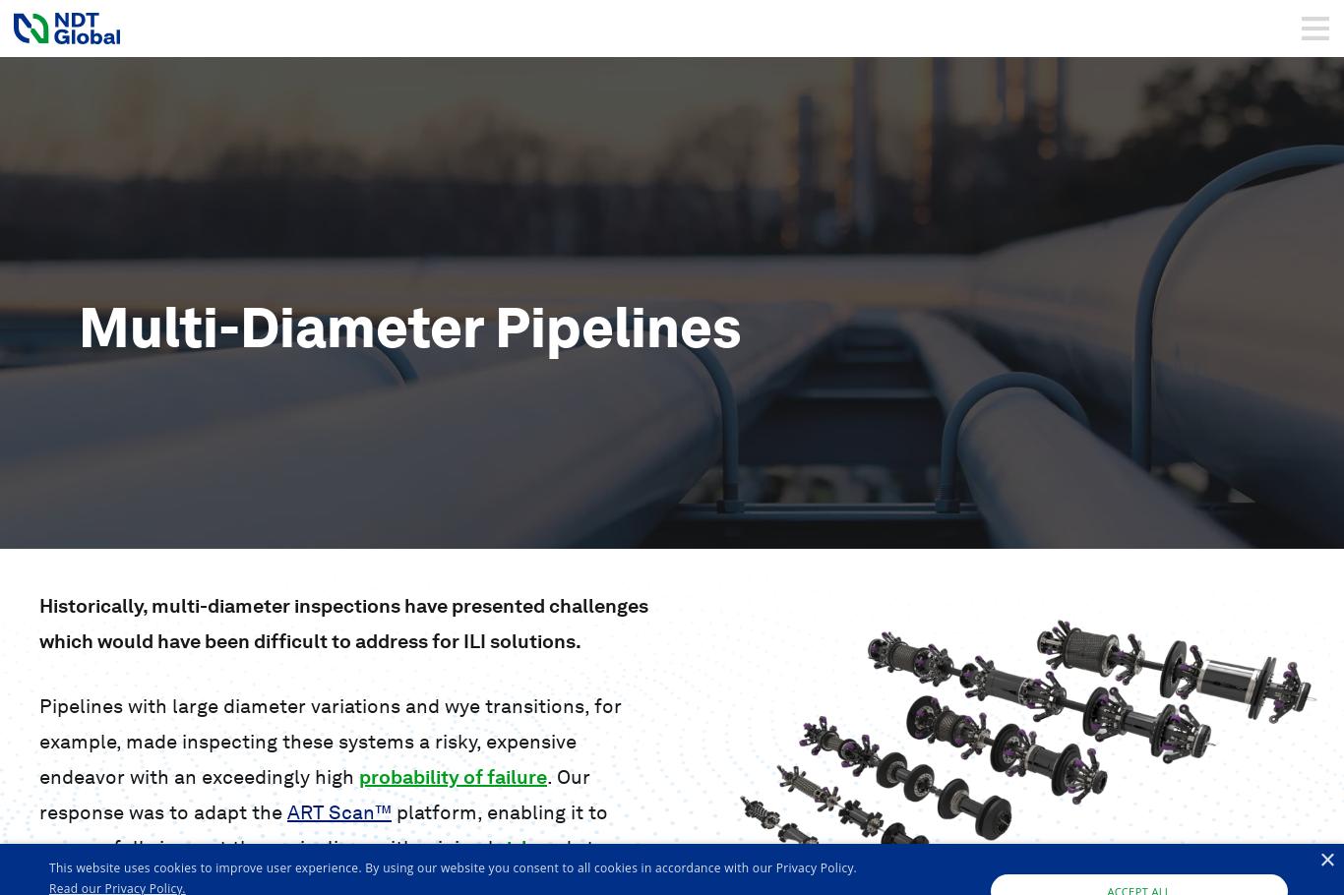 The height and width of the screenshot is (895, 1344). What do you see at coordinates (452, 867) in the screenshot?
I see `'This website uses cookies to improve user experience. By using our website you consent to all cookies in accordance with our Privacy Policy.'` at bounding box center [452, 867].